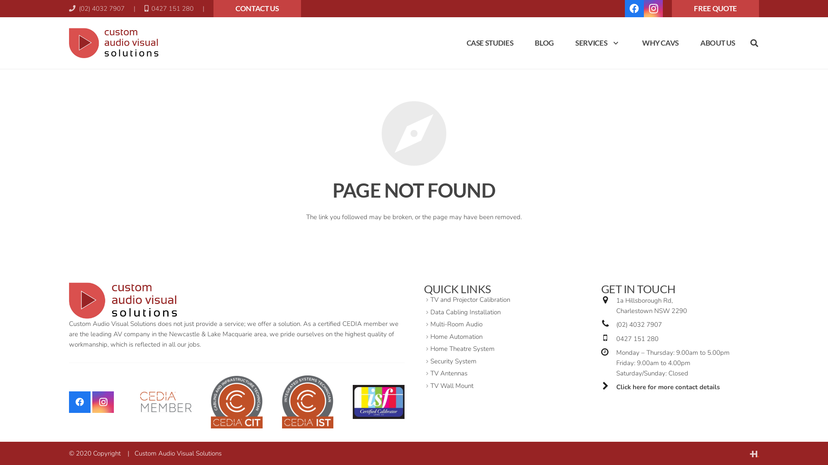  I want to click on 'Home Automation', so click(456, 336).